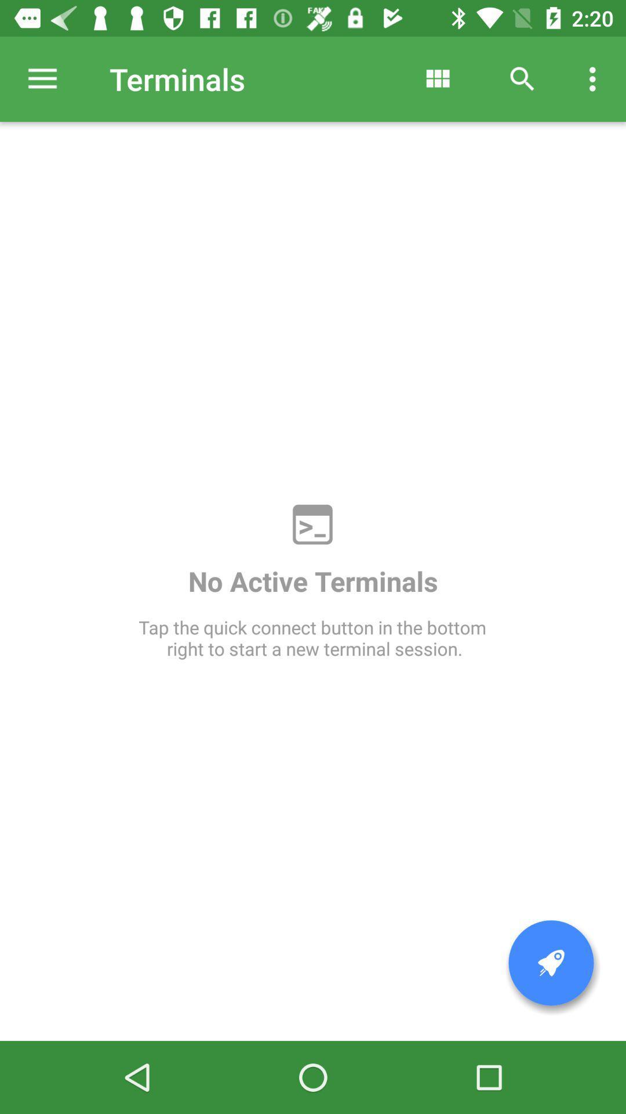  What do you see at coordinates (42, 78) in the screenshot?
I see `icon to the left of terminals item` at bounding box center [42, 78].